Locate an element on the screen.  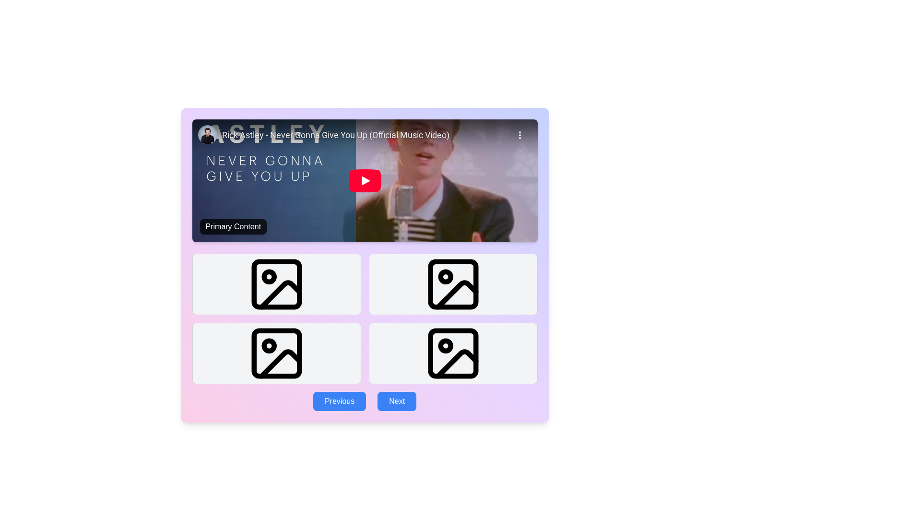
the decorative graphical component representing a diagonal line in the bottom-right corner of the image icon, which is part of a grid of four icons below the video content is located at coordinates (456, 364).